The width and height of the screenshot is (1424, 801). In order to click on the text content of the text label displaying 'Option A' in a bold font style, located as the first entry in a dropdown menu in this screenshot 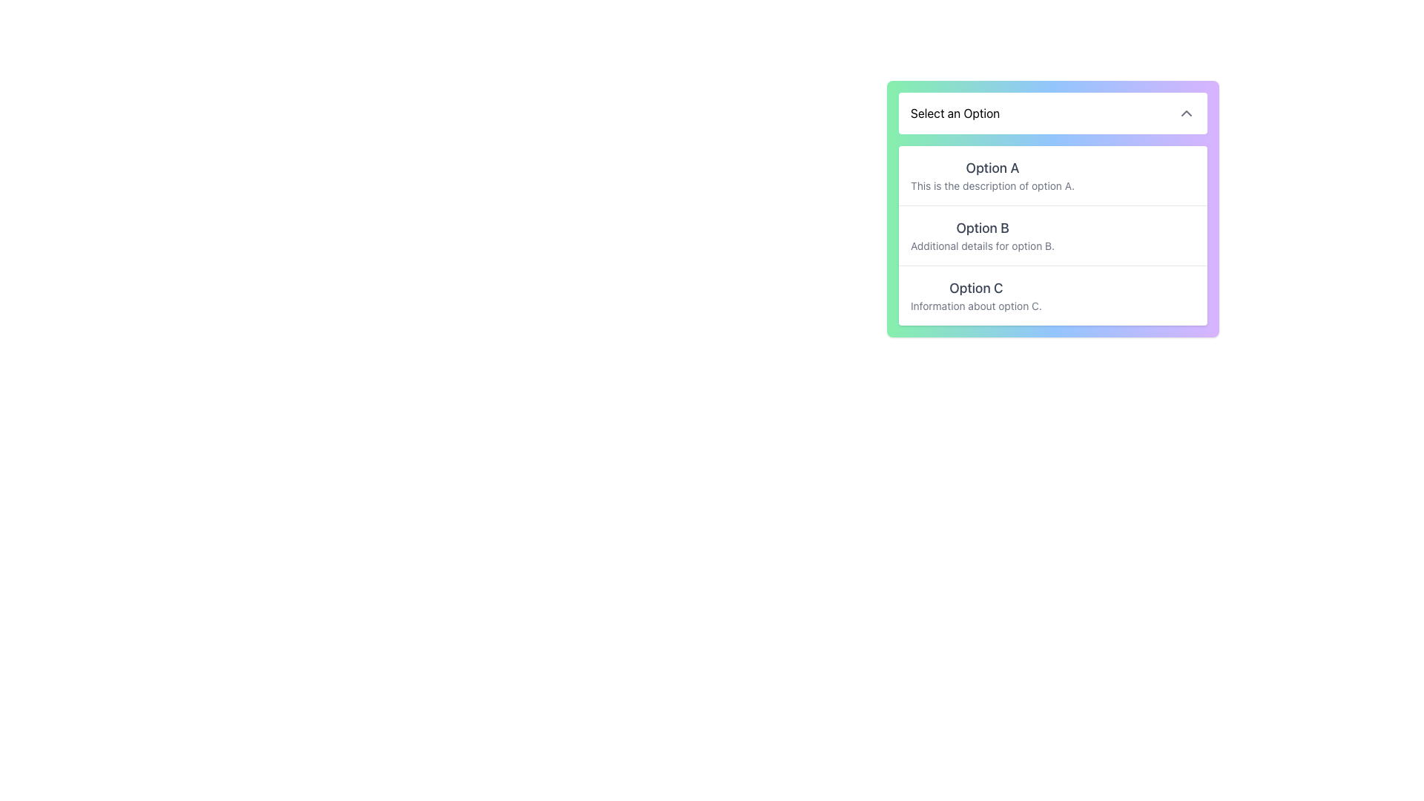, I will do `click(992, 168)`.